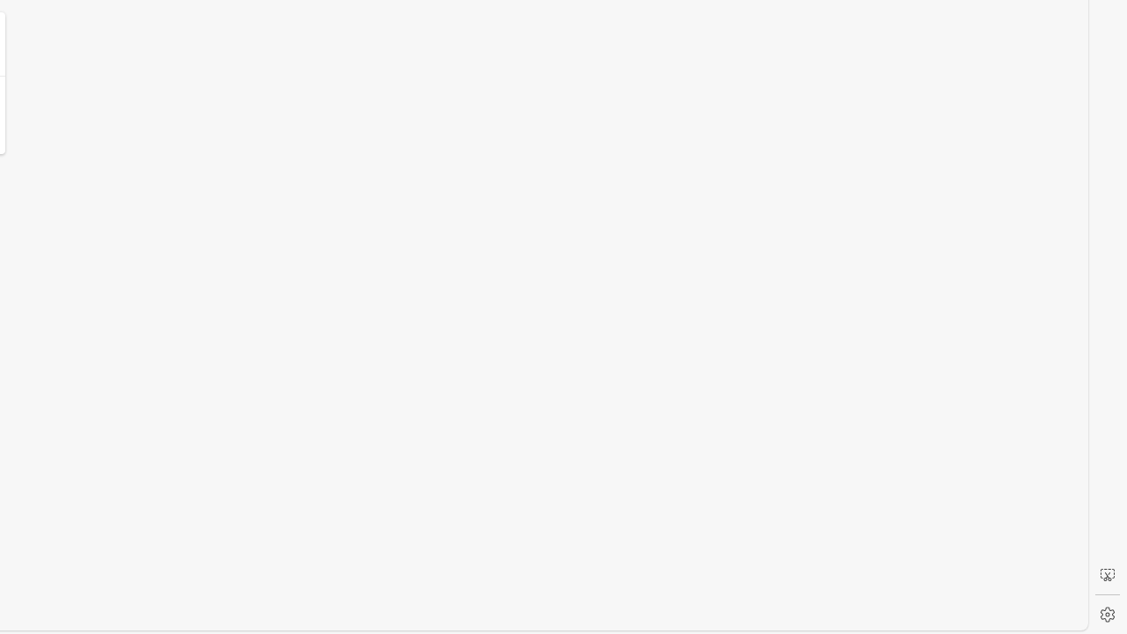 Image resolution: width=1127 pixels, height=634 pixels. I want to click on 'Settings', so click(1106, 613).